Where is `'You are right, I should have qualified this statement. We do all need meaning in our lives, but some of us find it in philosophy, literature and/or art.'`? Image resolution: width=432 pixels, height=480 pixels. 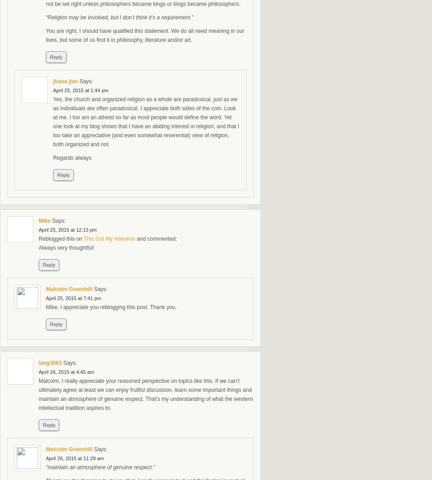
'You are right, I should have qualified this statement. We do all need meaning in our lives, but some of us find it in philosophy, literature and/or art.' is located at coordinates (144, 35).